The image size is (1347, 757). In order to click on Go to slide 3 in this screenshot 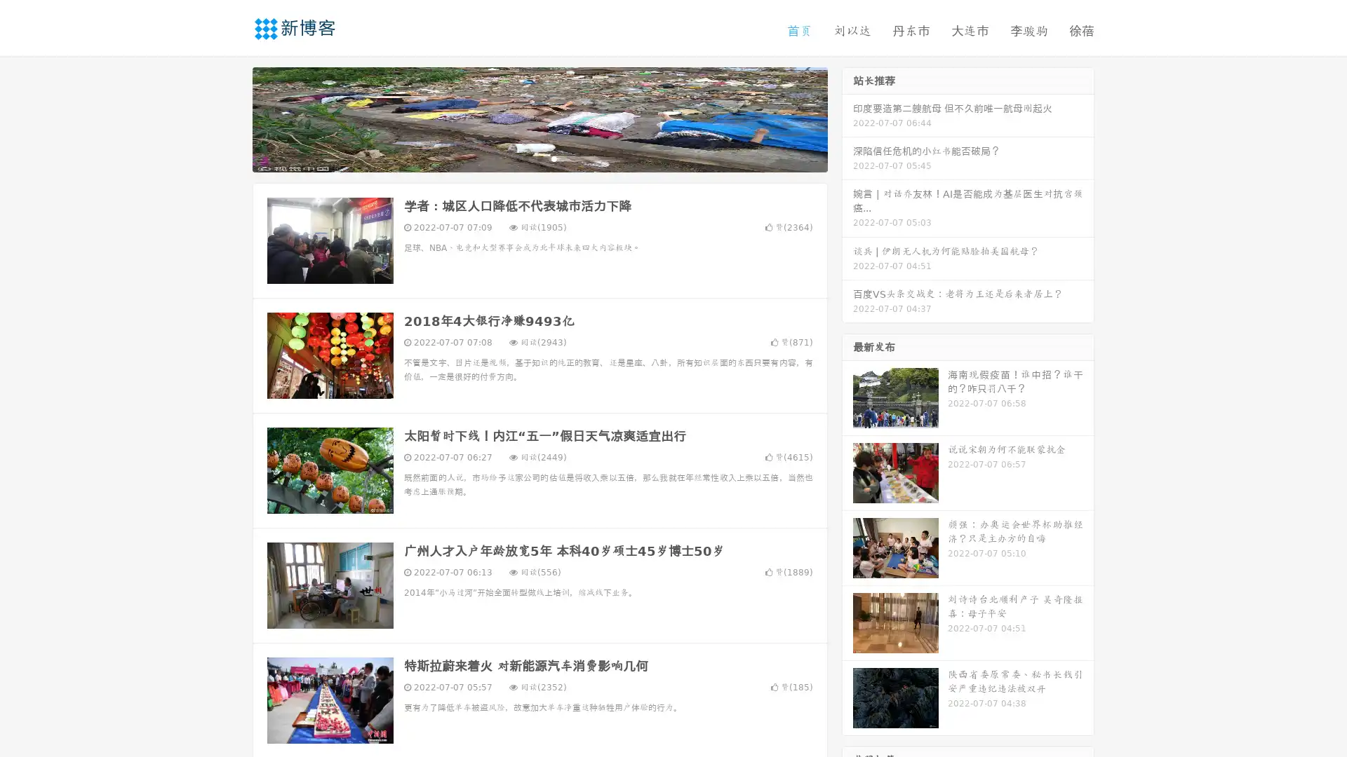, I will do `click(554, 158)`.